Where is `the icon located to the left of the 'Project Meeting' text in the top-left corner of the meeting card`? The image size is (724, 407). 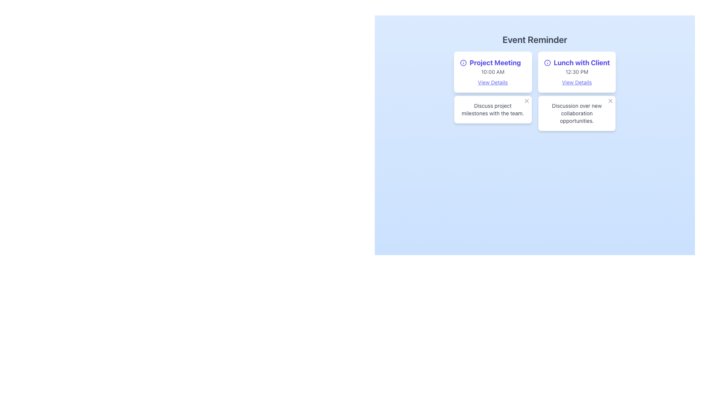
the icon located to the left of the 'Project Meeting' text in the top-left corner of the meeting card is located at coordinates (463, 62).